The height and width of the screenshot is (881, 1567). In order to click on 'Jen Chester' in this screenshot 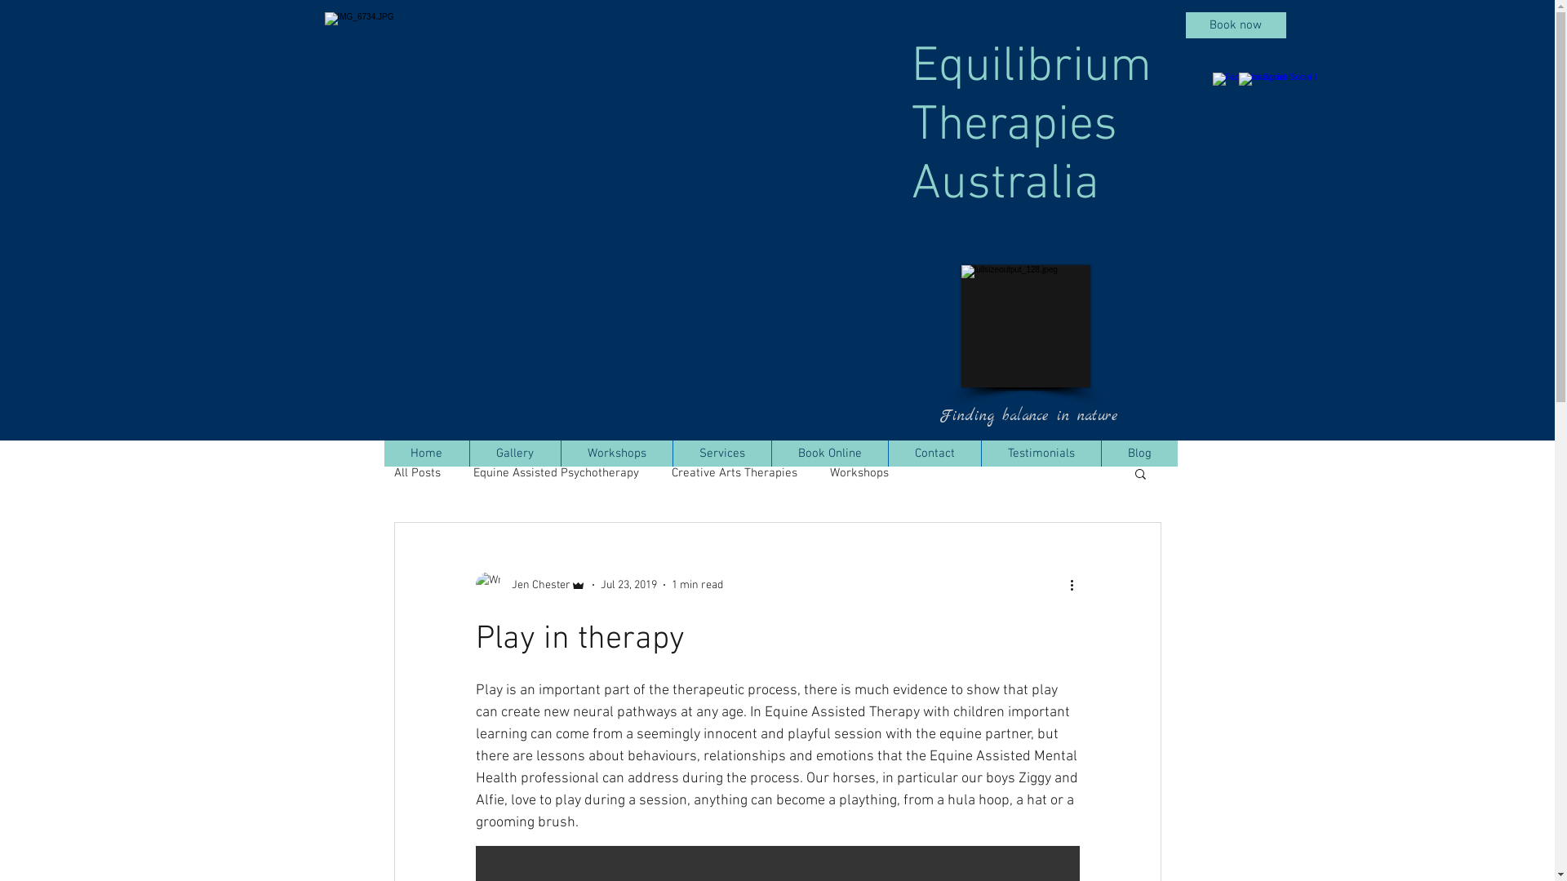, I will do `click(473, 584)`.